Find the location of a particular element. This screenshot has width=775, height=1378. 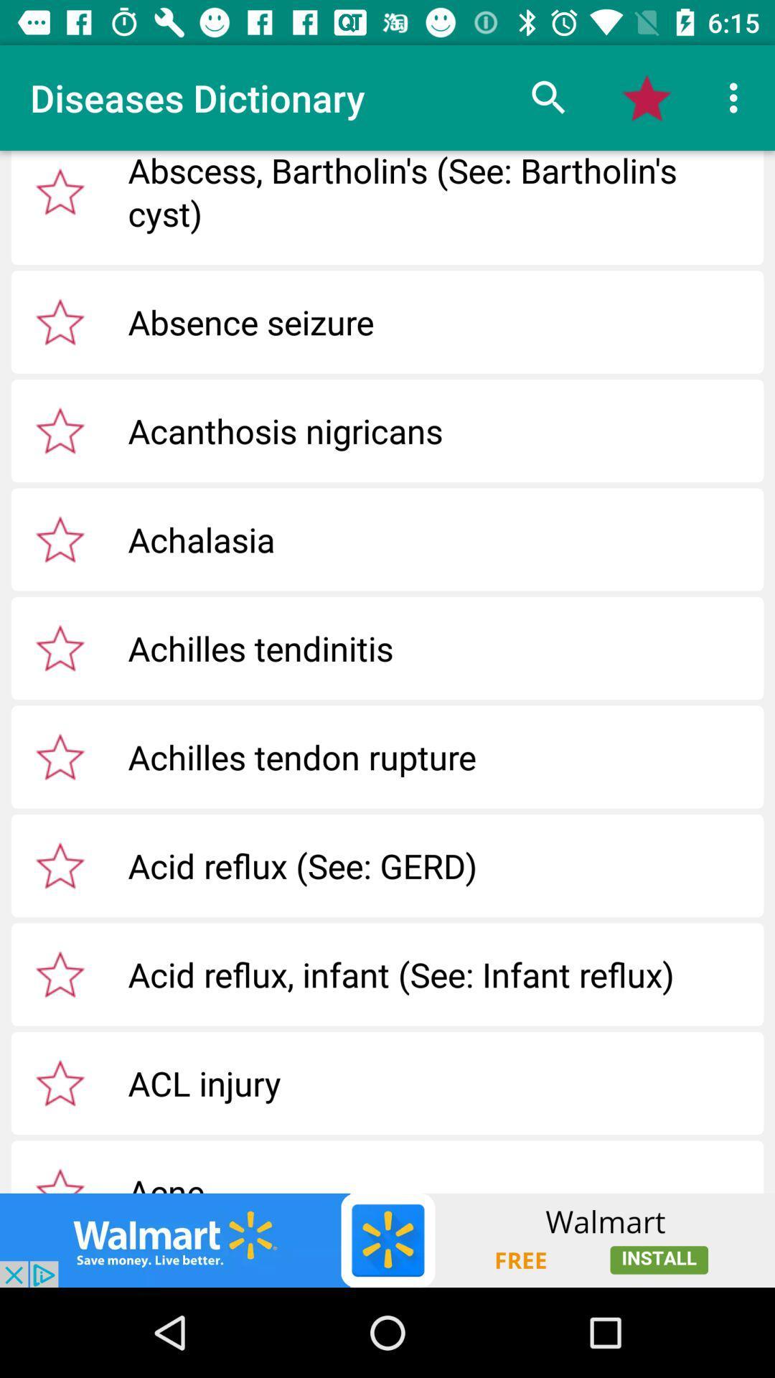

to favorites is located at coordinates (60, 538).